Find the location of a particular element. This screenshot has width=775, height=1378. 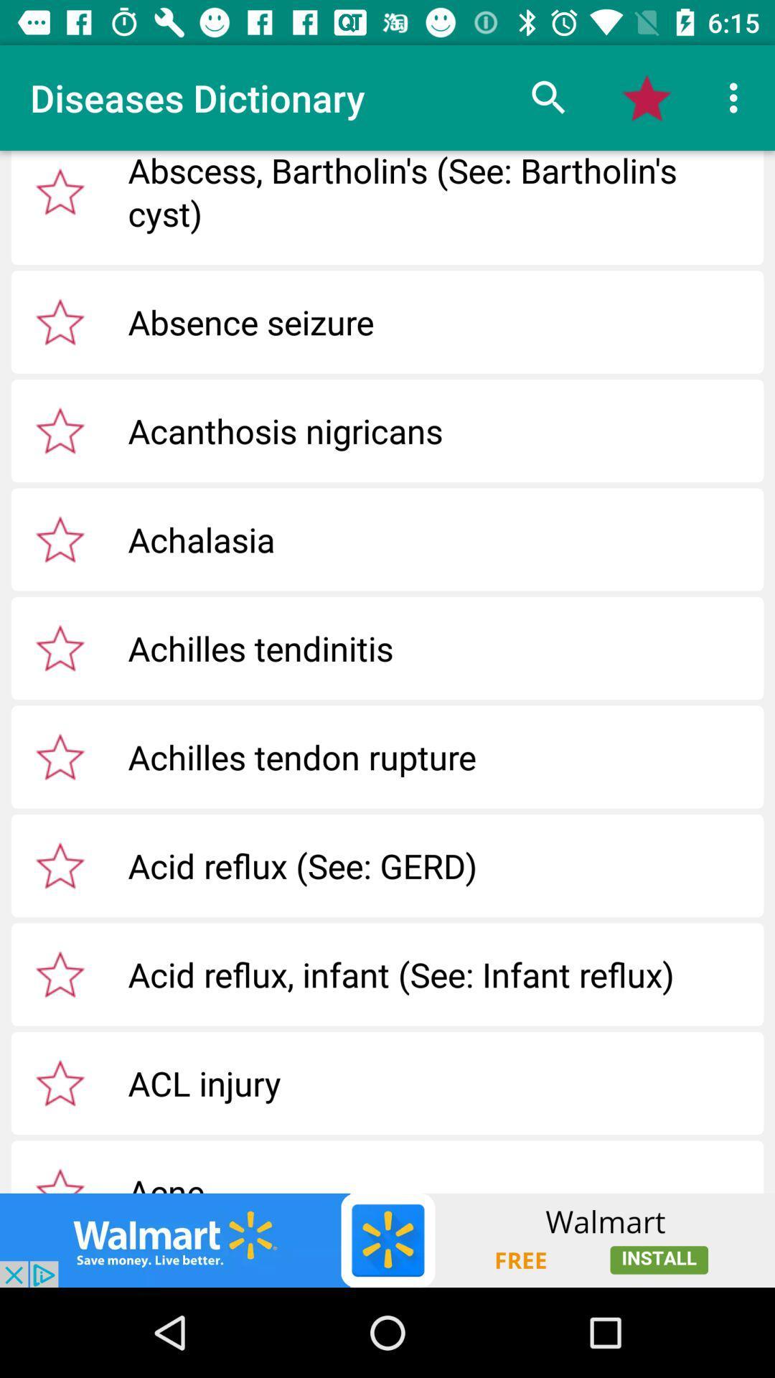

to favorites is located at coordinates (60, 538).